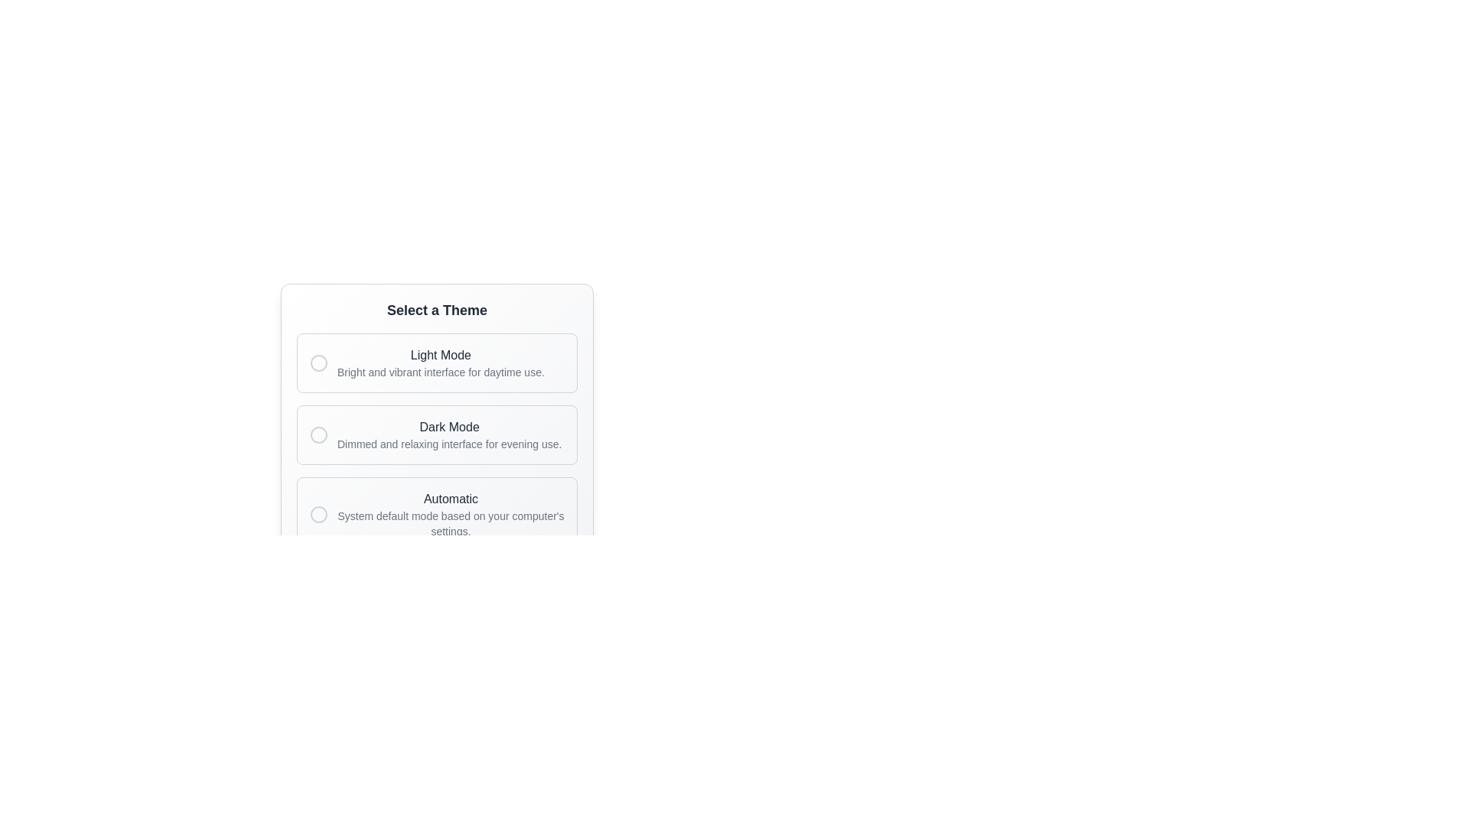 The image size is (1469, 826). I want to click on the 'Light Mode' text label, which is a medium gray colored label positioned centrally at the top of its section above a description text, so click(440, 356).